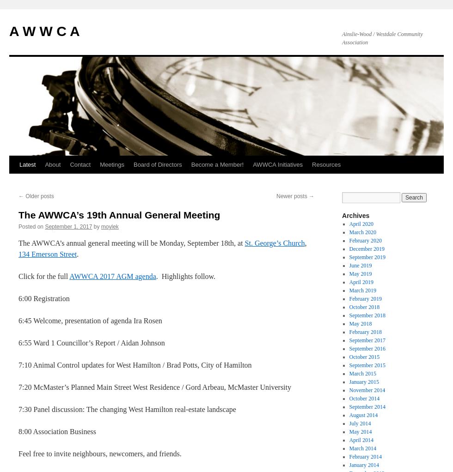 The image size is (453, 472). What do you see at coordinates (349, 398) in the screenshot?
I see `'October 2014'` at bounding box center [349, 398].